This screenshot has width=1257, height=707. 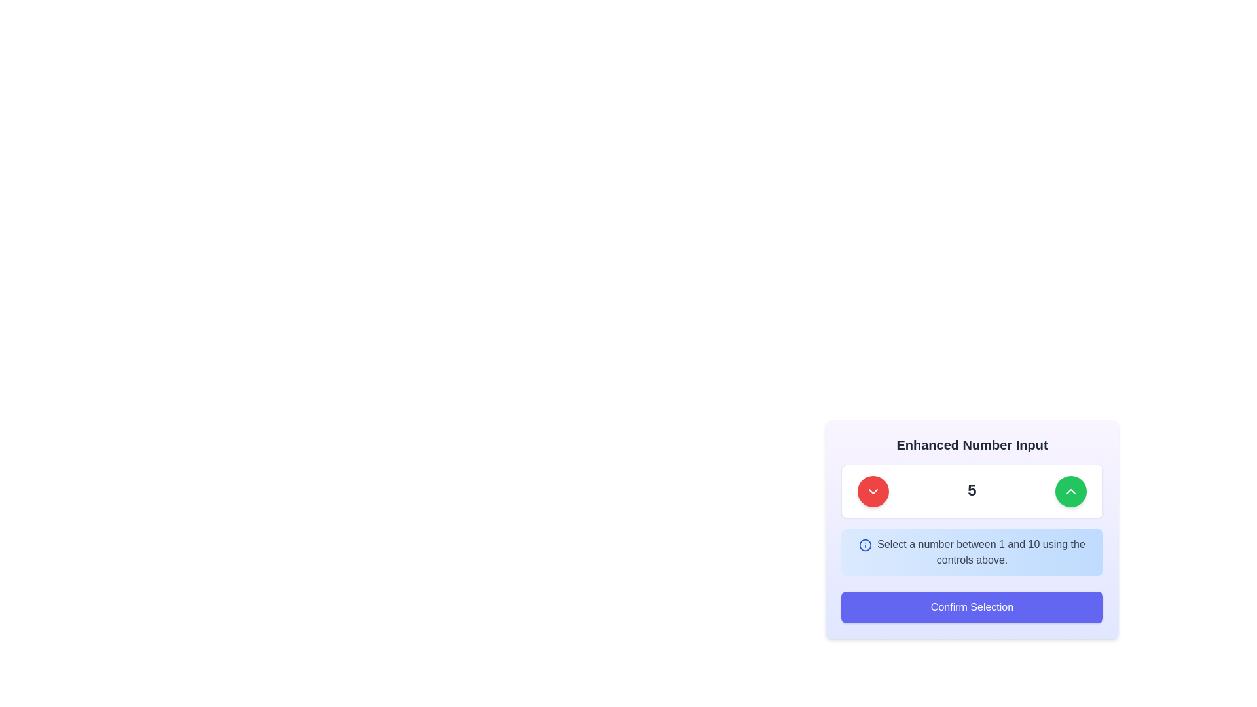 I want to click on the circular green button with a white upward-pointing chevron icon, so click(x=1071, y=492).